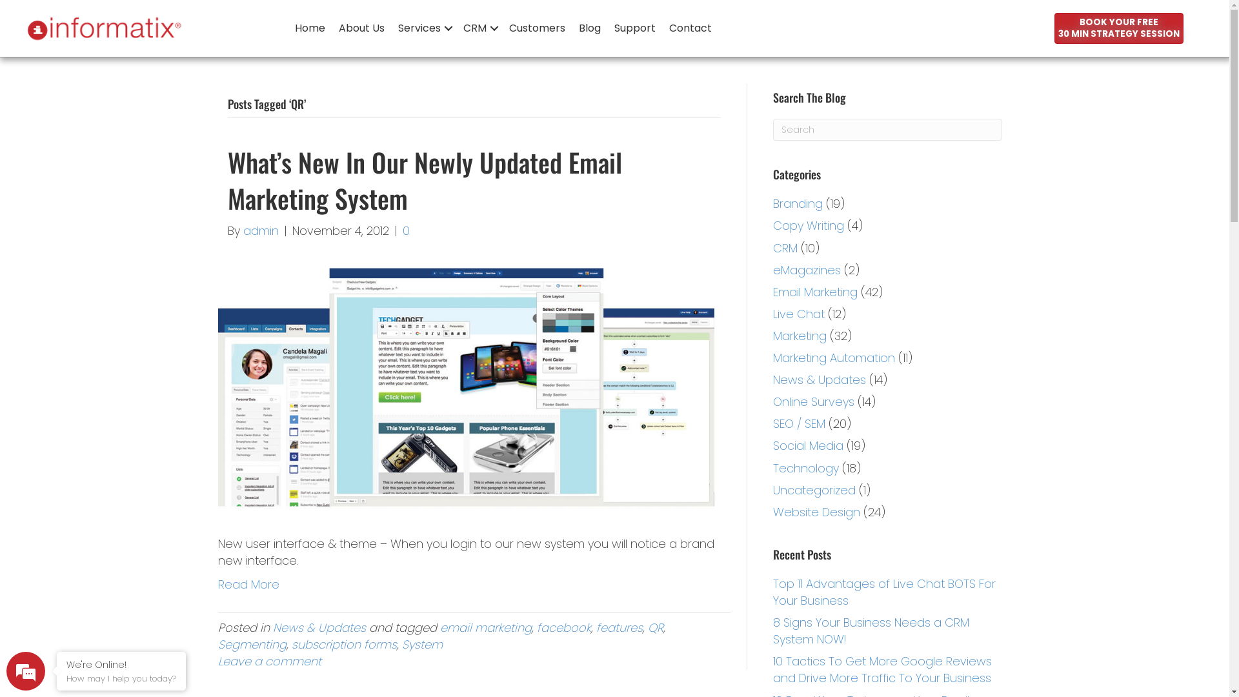  What do you see at coordinates (310, 28) in the screenshot?
I see `'Home'` at bounding box center [310, 28].